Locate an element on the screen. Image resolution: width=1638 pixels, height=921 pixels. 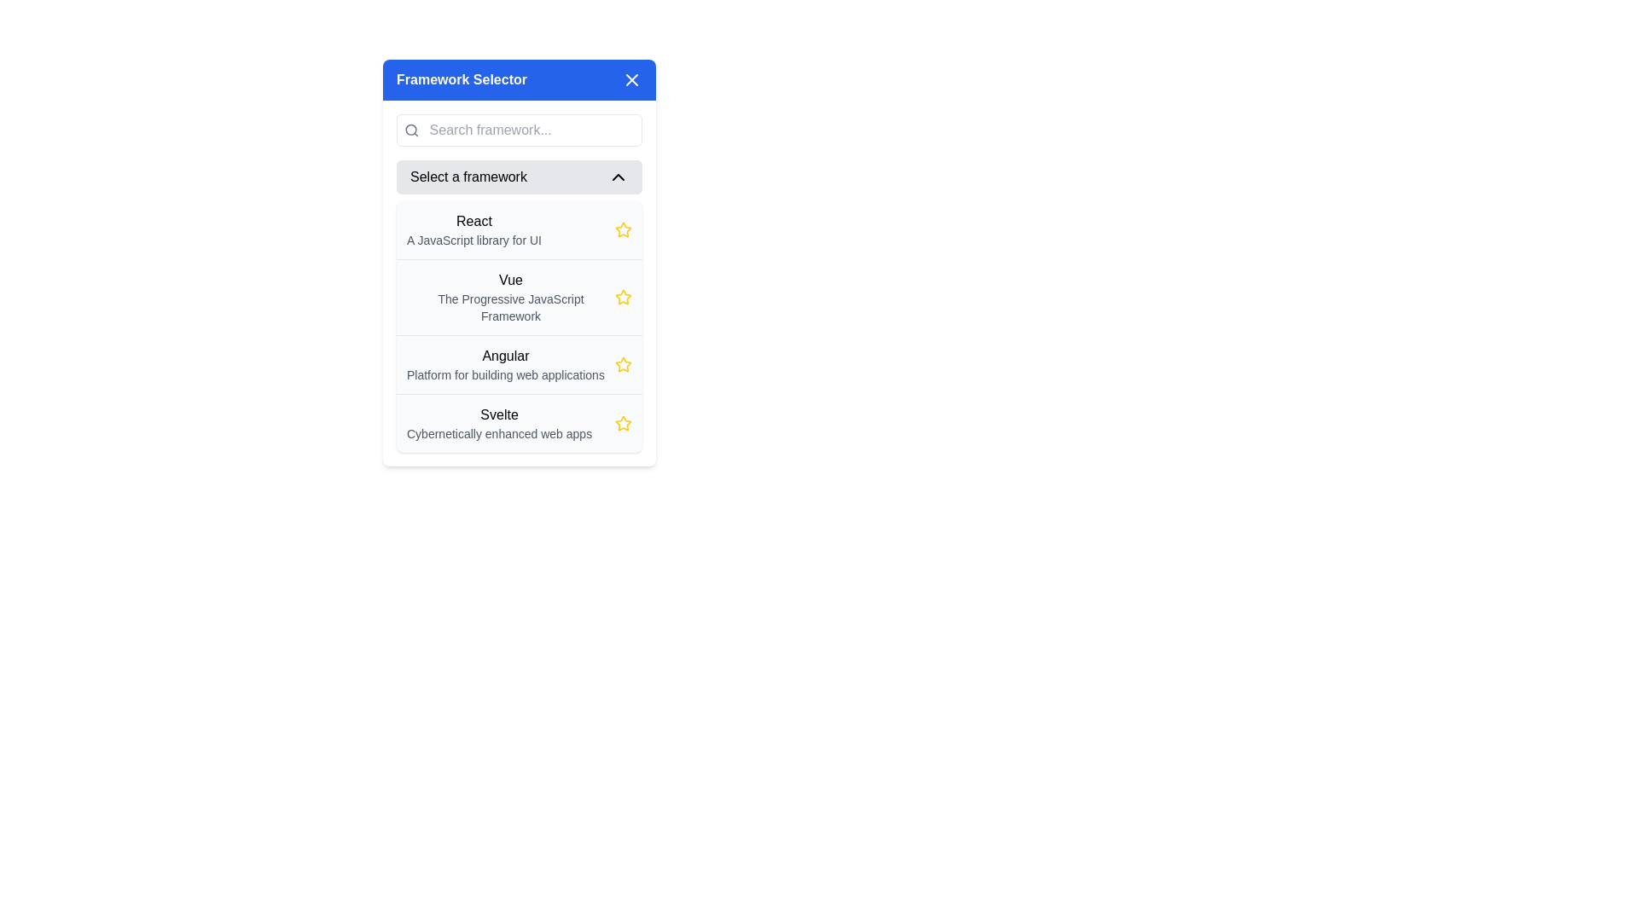
on the star icon used for ratings or marking favorites, located next is located at coordinates (622, 423).